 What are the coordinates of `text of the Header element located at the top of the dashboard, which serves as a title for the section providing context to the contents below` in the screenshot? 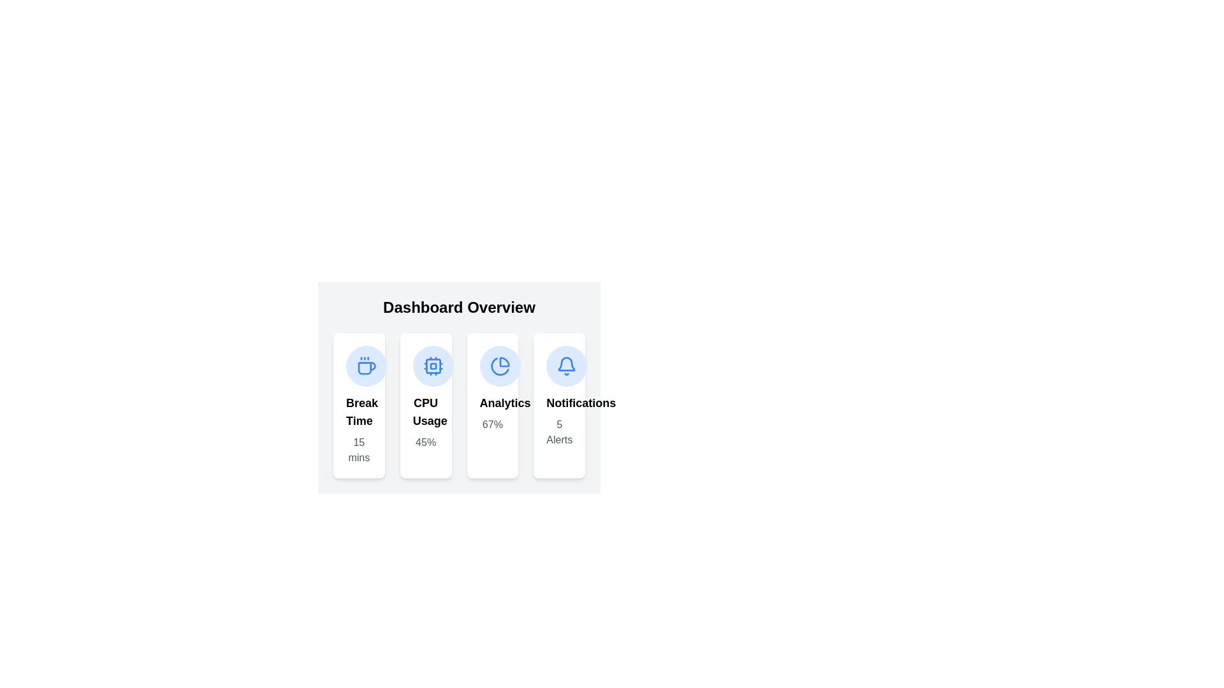 It's located at (459, 307).